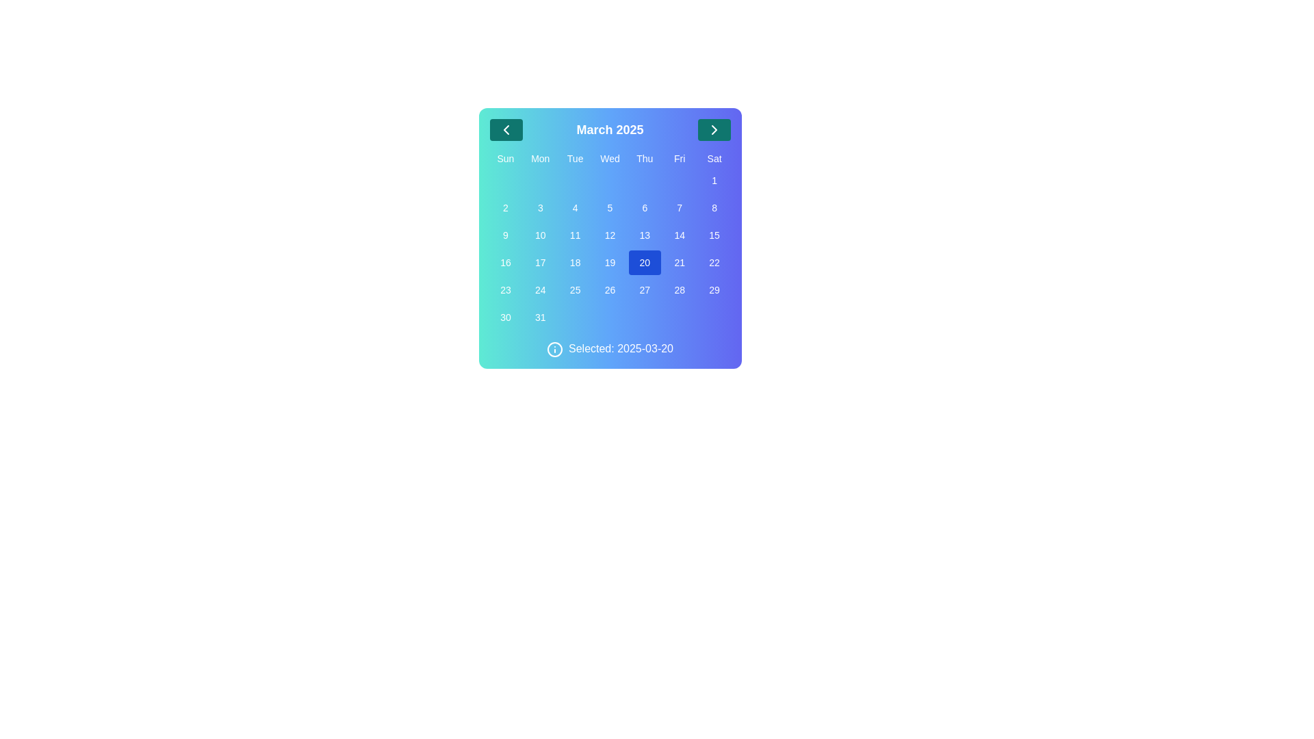 The width and height of the screenshot is (1314, 739). Describe the element at coordinates (680, 263) in the screenshot. I see `the button representing the date '21' in the calendar, located in the fifth row under the 'Fri' column` at that location.